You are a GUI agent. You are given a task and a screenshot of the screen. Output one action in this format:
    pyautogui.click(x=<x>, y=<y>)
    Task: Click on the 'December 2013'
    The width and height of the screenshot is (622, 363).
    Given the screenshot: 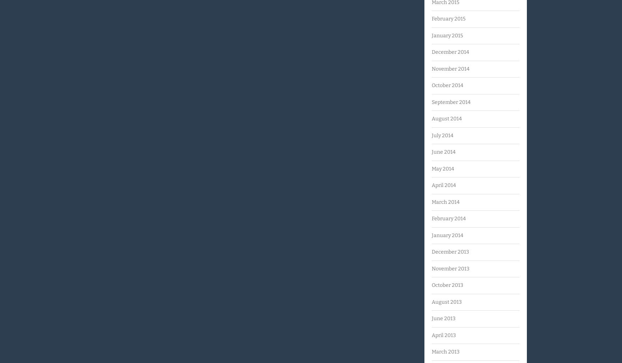 What is the action you would take?
    pyautogui.click(x=450, y=251)
    